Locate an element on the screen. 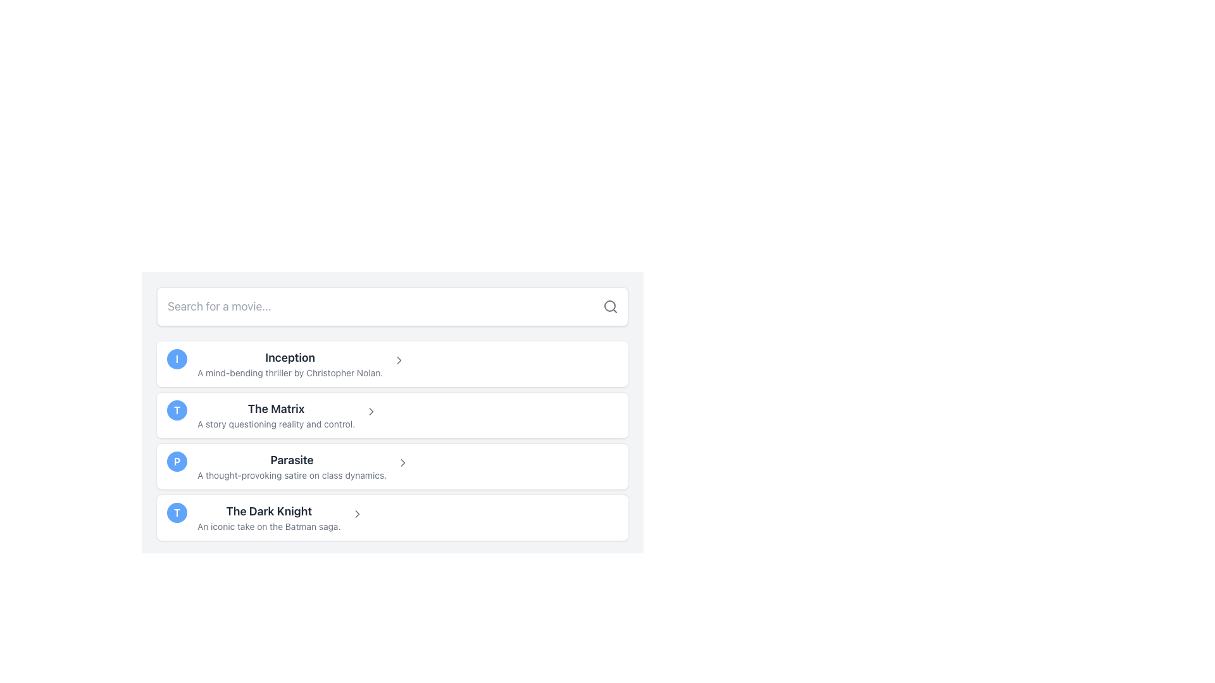 The image size is (1215, 683). the circular magnifying glass icon button located at the rightmost side of the search bar is located at coordinates (610, 307).